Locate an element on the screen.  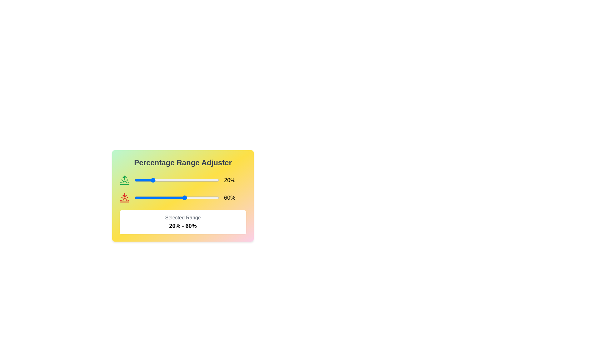
the slider position is located at coordinates (138, 198).